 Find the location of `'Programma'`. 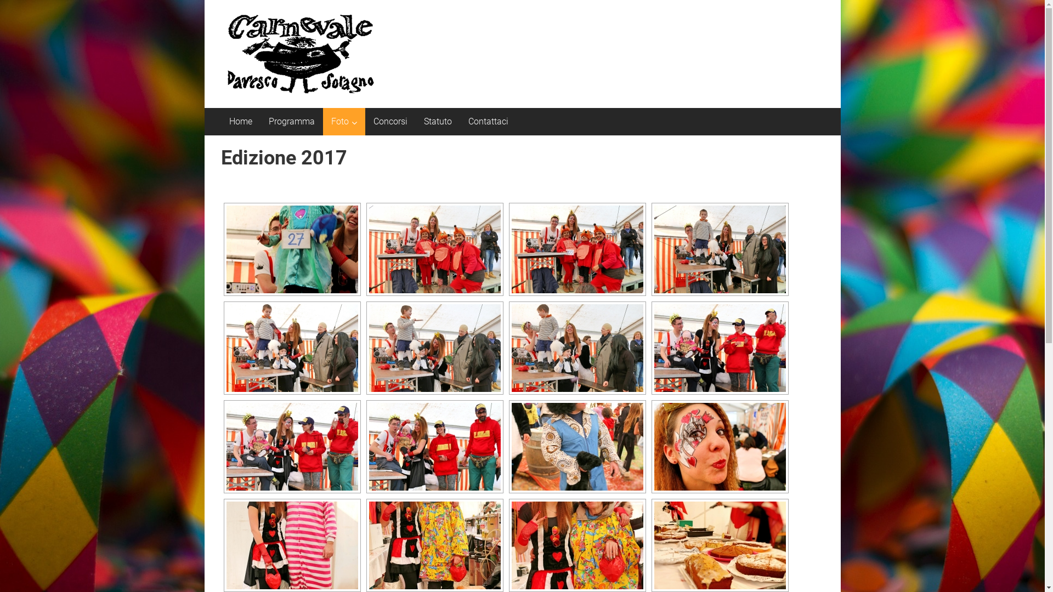

'Programma' is located at coordinates (292, 122).